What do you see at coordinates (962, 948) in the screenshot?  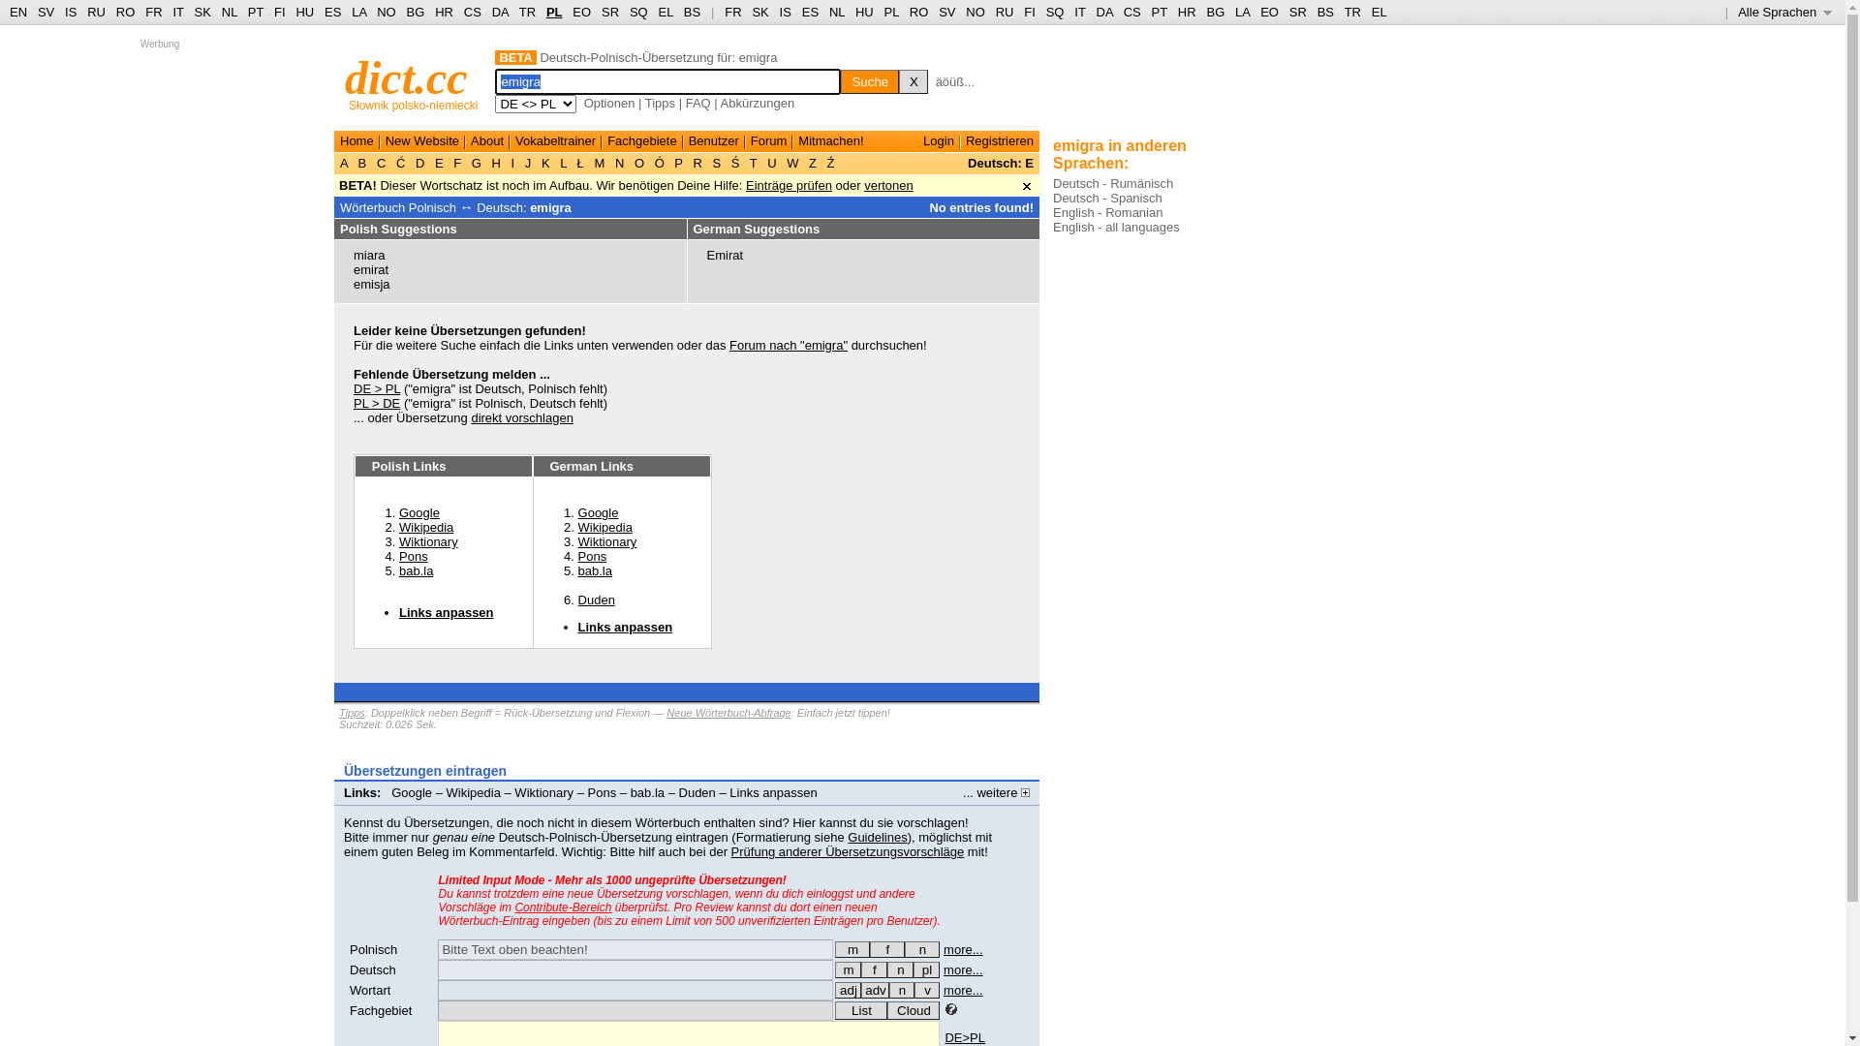 I see `'more...'` at bounding box center [962, 948].